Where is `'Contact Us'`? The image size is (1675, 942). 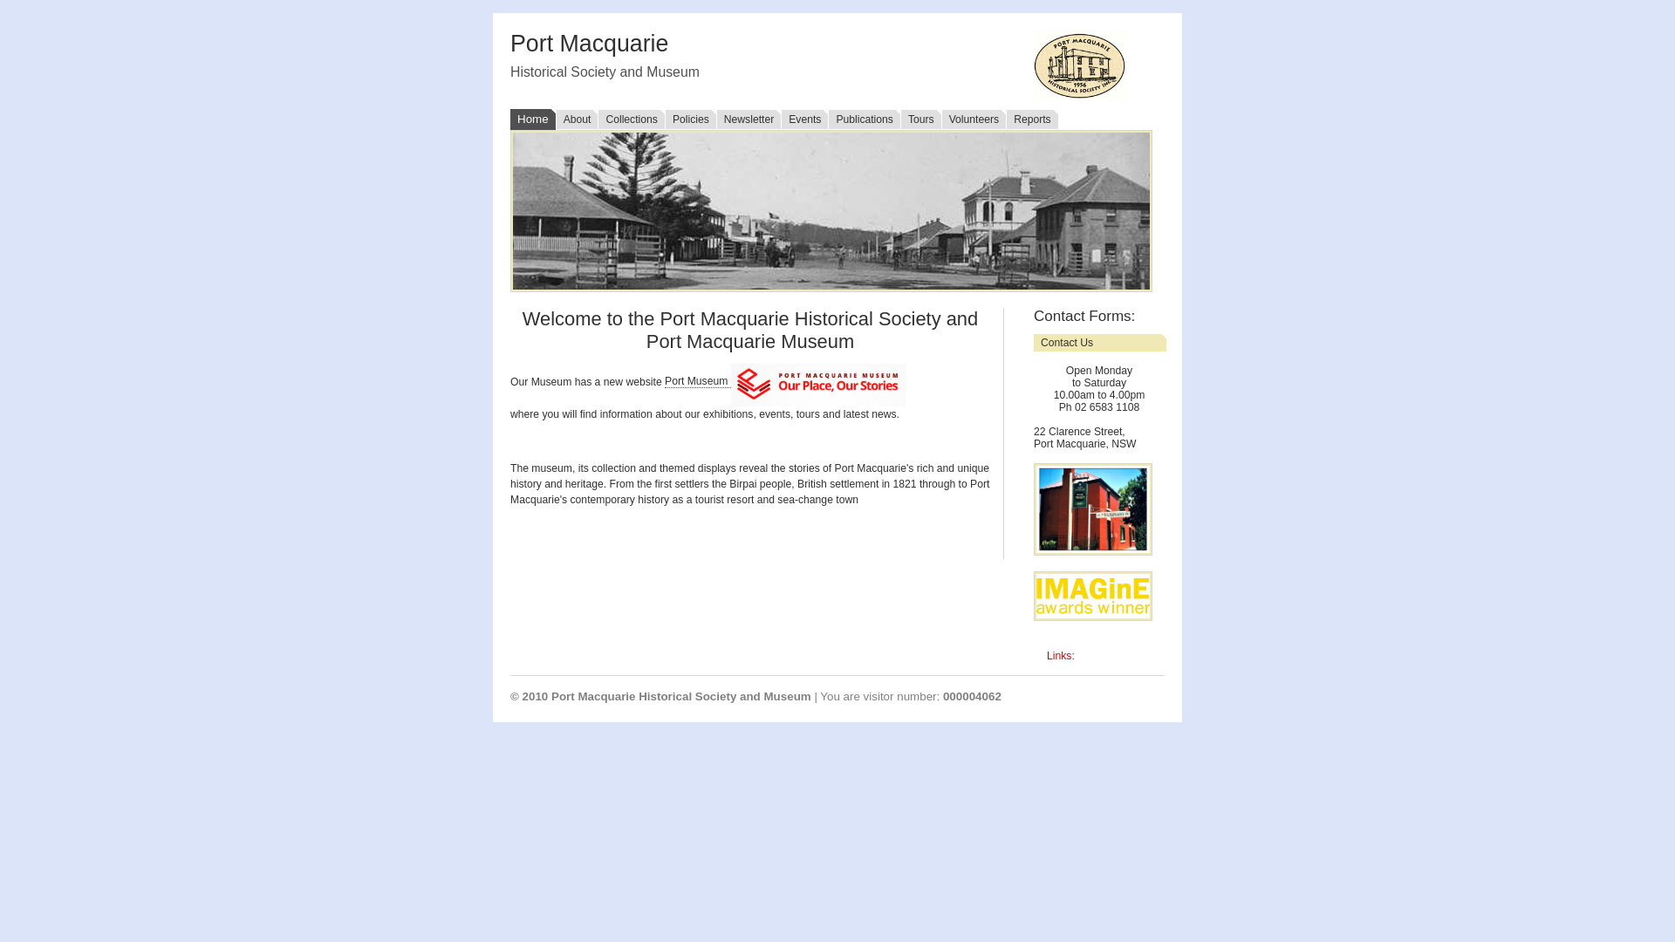
'Contact Us' is located at coordinates (1099, 343).